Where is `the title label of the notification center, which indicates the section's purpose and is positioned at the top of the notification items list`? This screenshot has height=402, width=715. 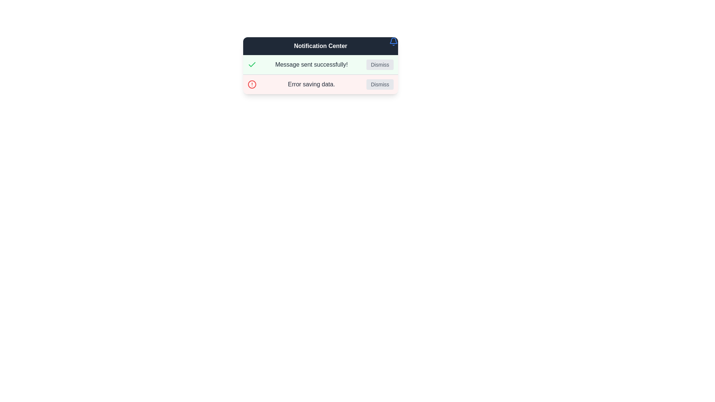 the title label of the notification center, which indicates the section's purpose and is positioned at the top of the notification items list is located at coordinates (320, 46).